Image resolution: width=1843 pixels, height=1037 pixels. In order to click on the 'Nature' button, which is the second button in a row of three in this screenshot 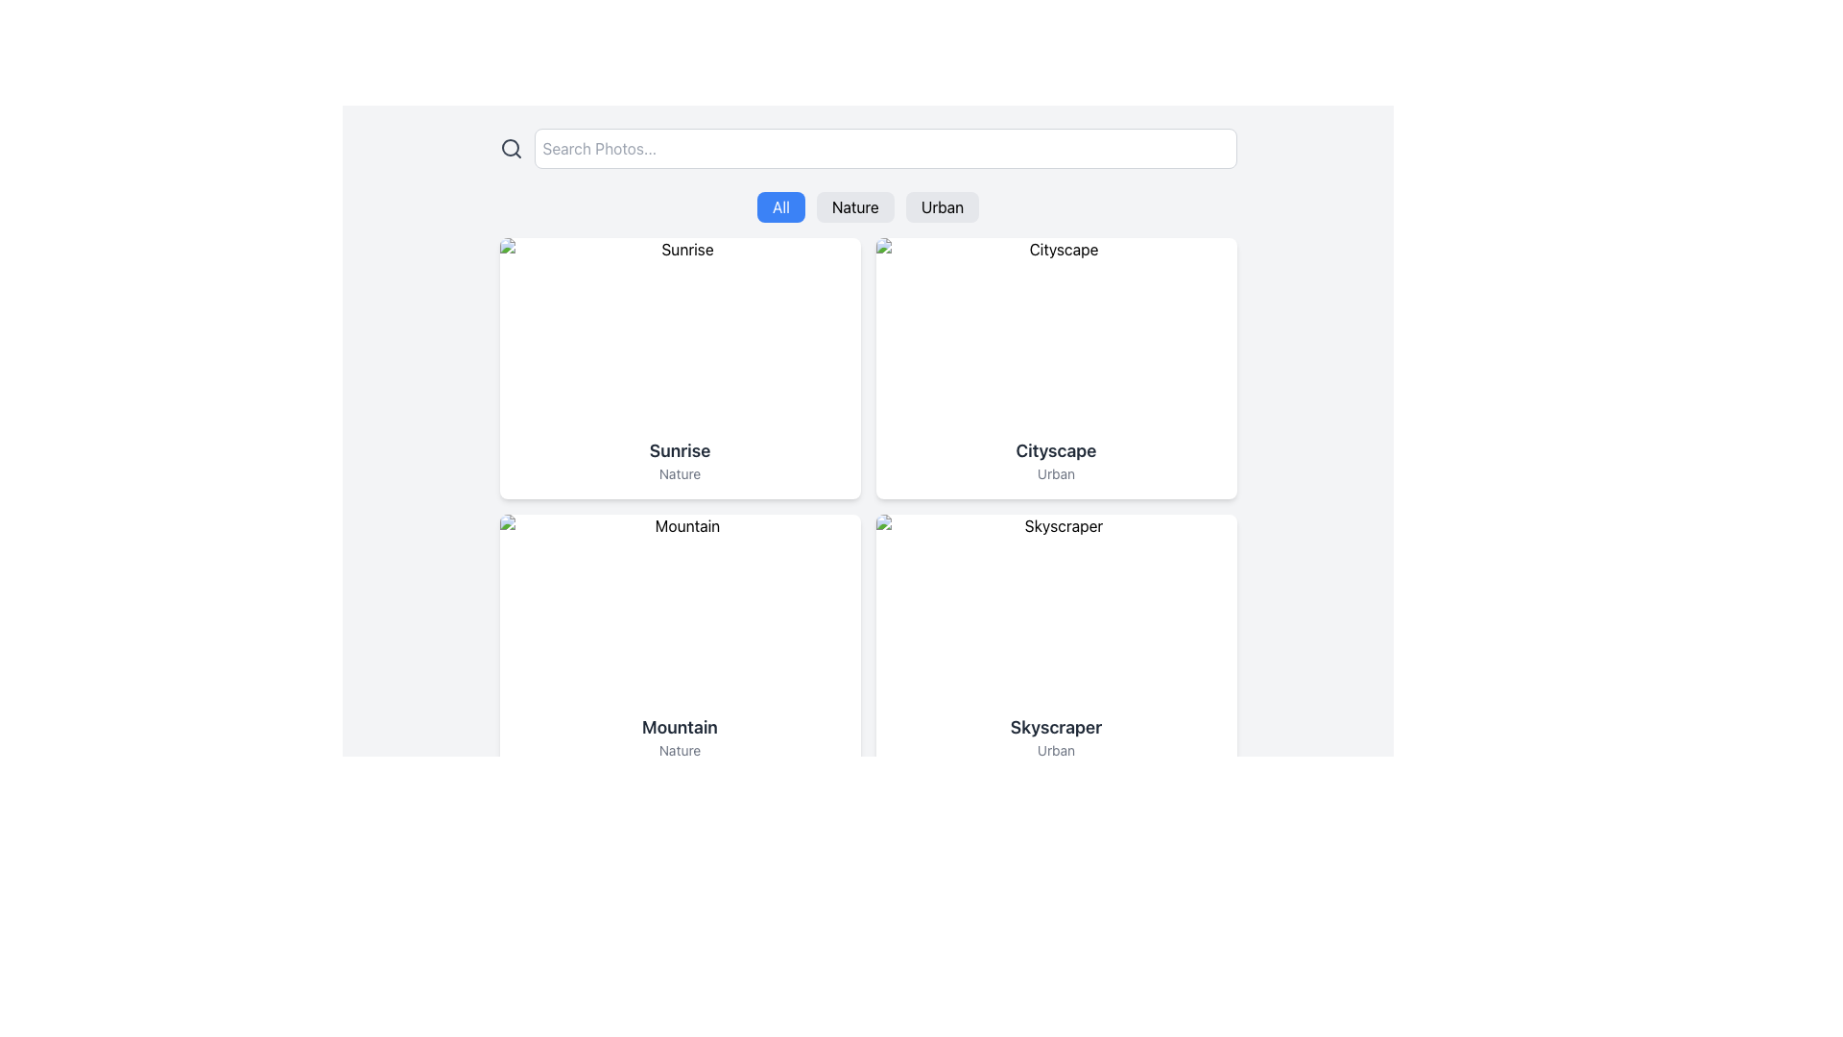, I will do `click(854, 207)`.